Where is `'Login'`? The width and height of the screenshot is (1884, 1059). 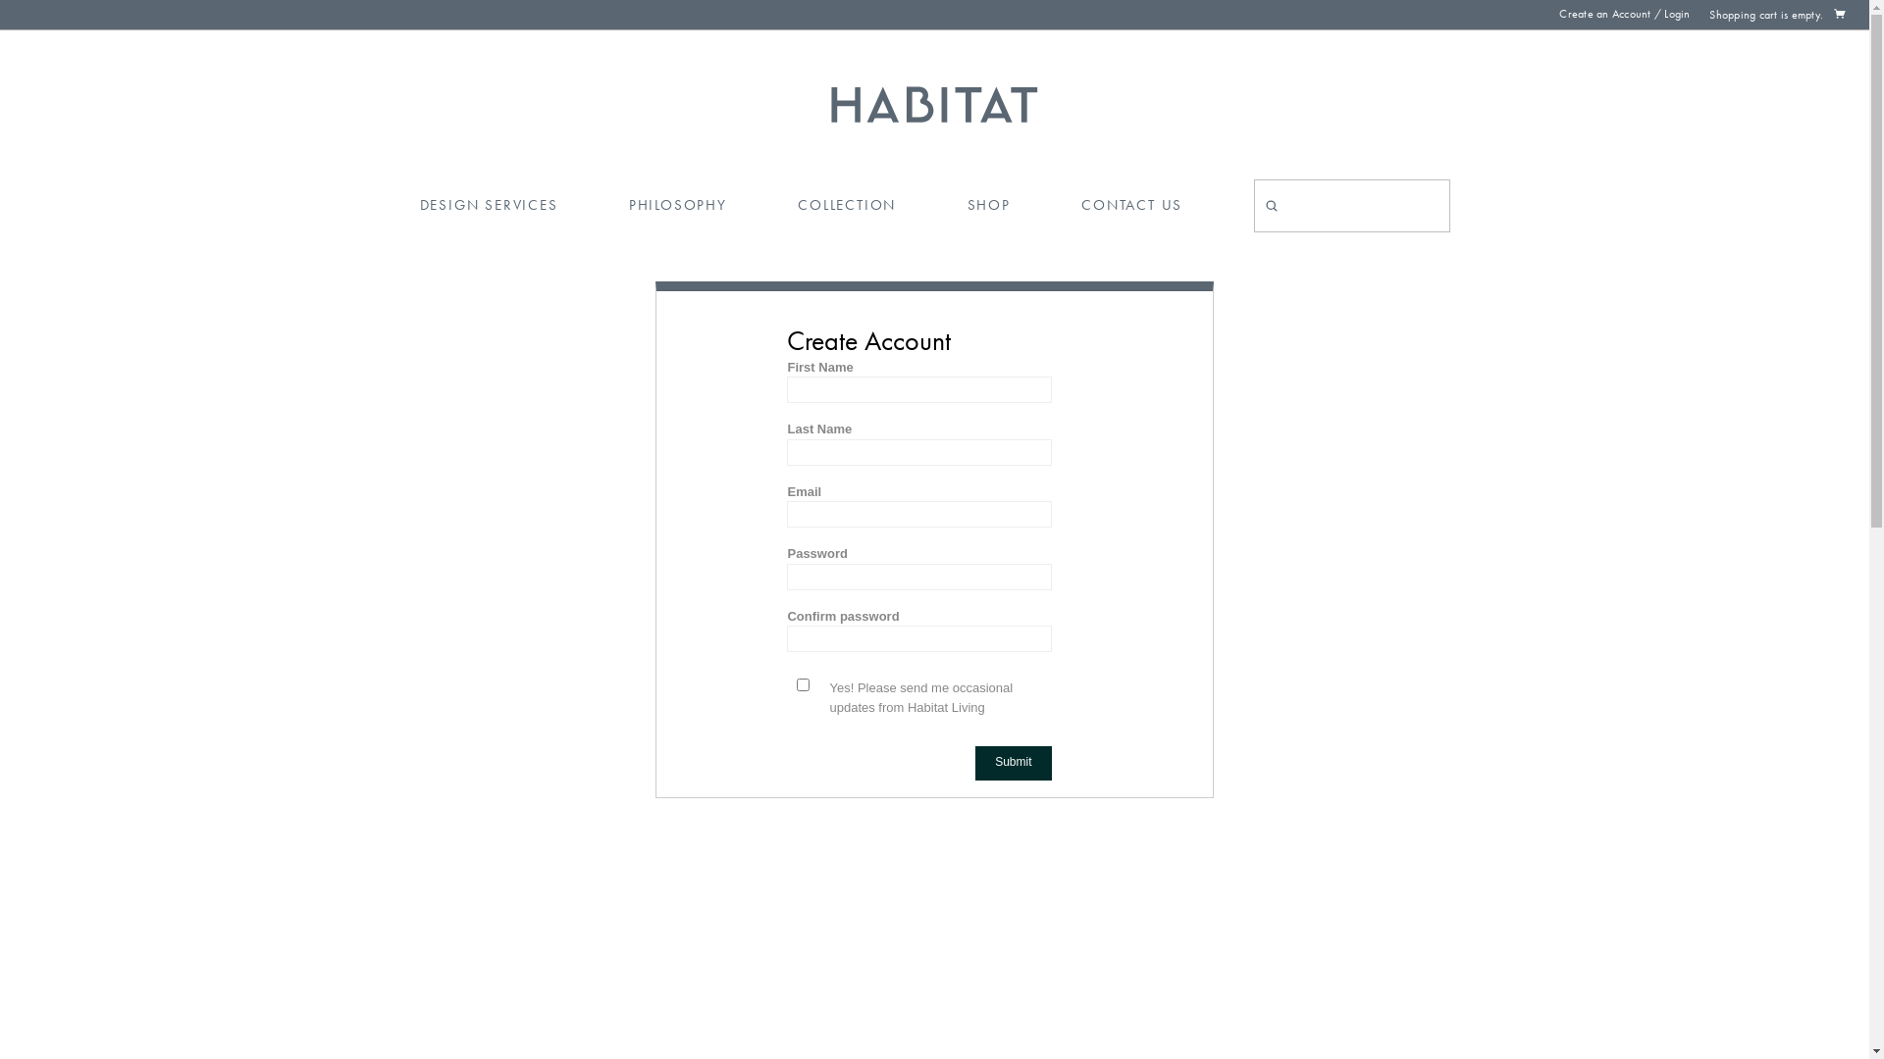
'Login' is located at coordinates (1675, 14).